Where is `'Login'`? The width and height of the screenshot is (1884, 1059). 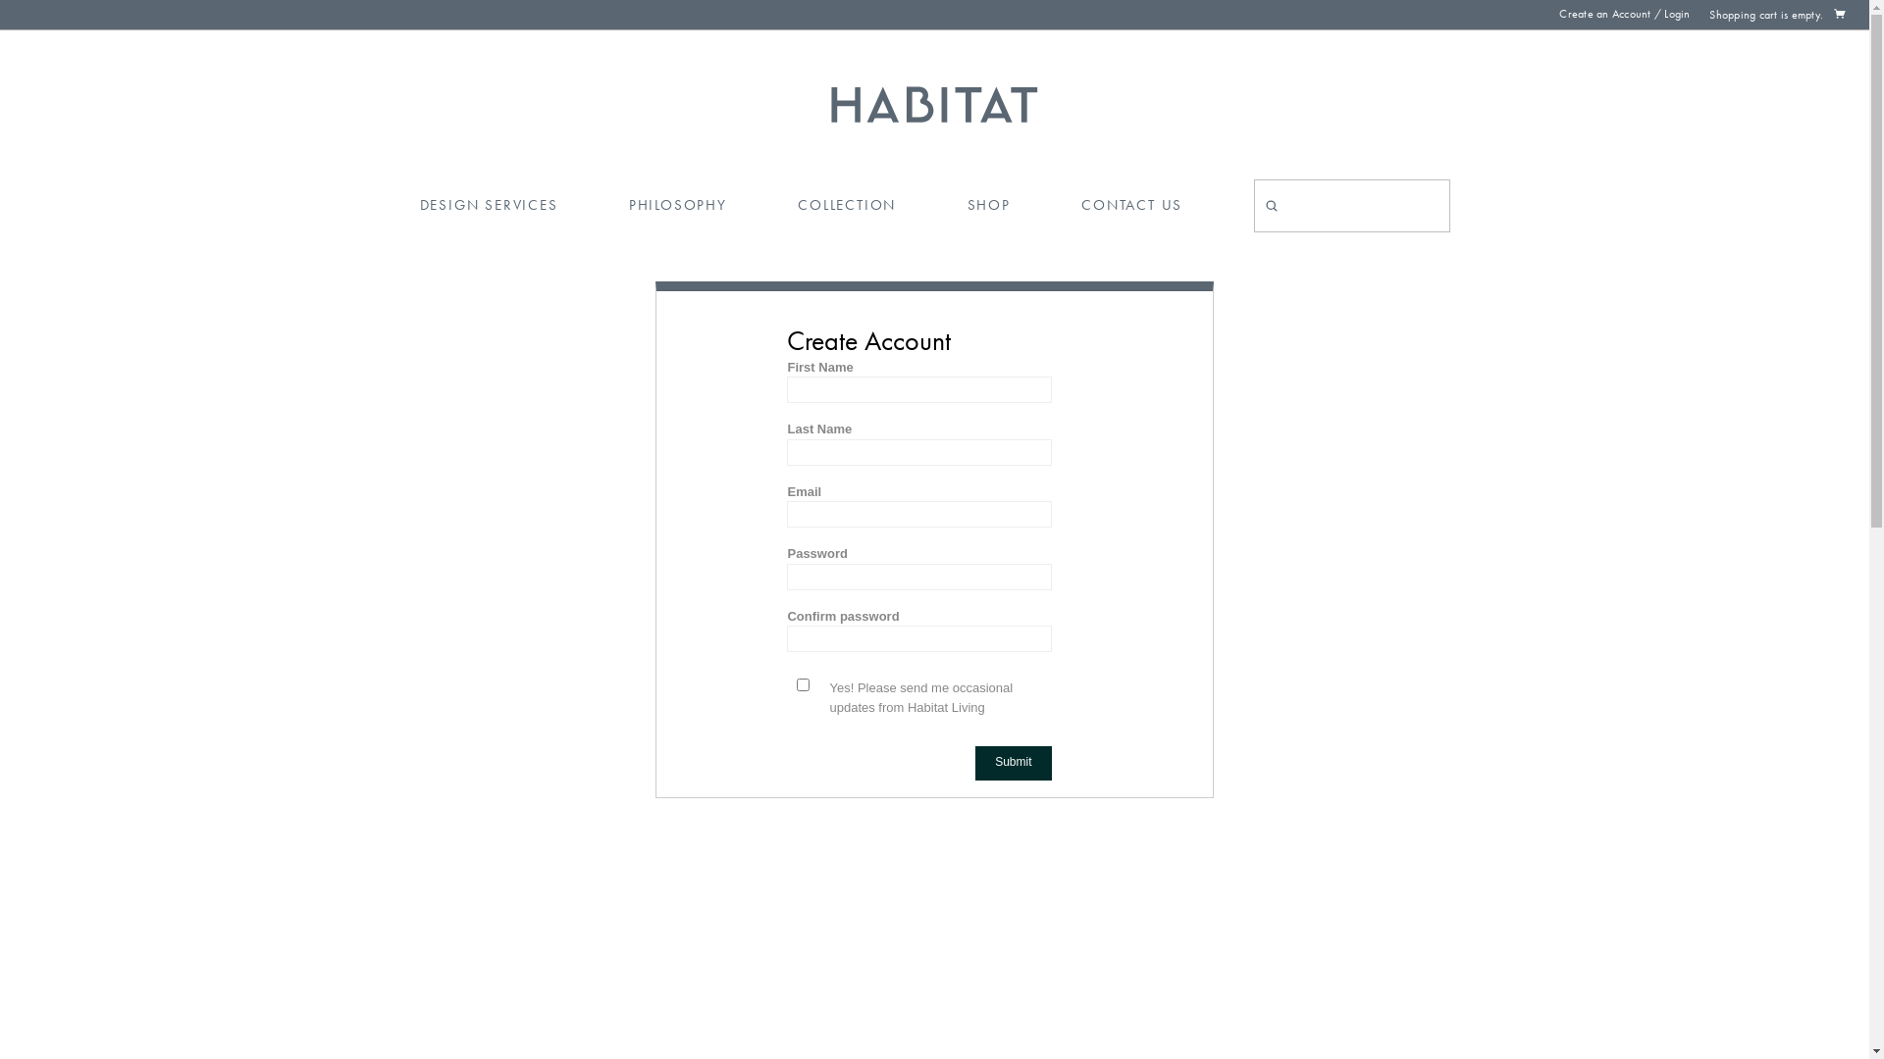
'Login' is located at coordinates (1675, 14).